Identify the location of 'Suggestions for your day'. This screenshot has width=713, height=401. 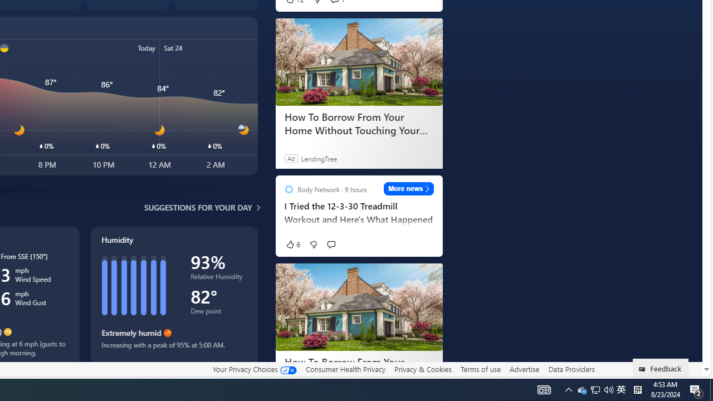
(198, 207).